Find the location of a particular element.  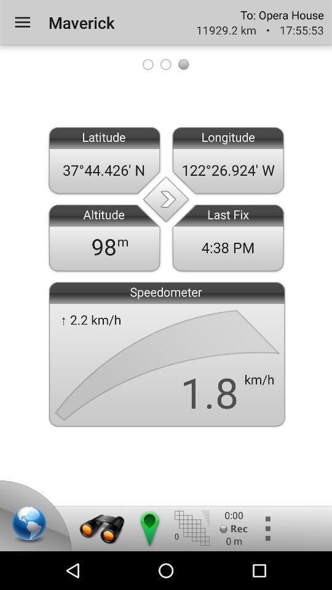

zoom in is located at coordinates (101, 528).